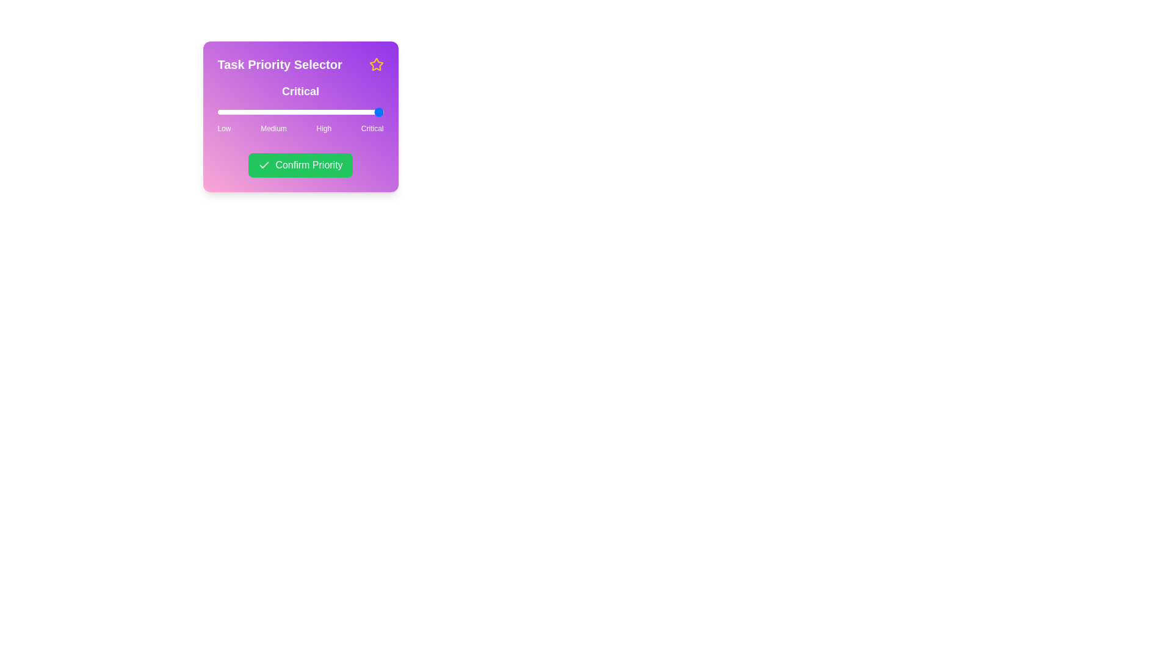 This screenshot has width=1172, height=659. I want to click on the bold textual label 'Task Priority Selector' which is styled with a white font on a vivid purple gradient background, so click(279, 64).